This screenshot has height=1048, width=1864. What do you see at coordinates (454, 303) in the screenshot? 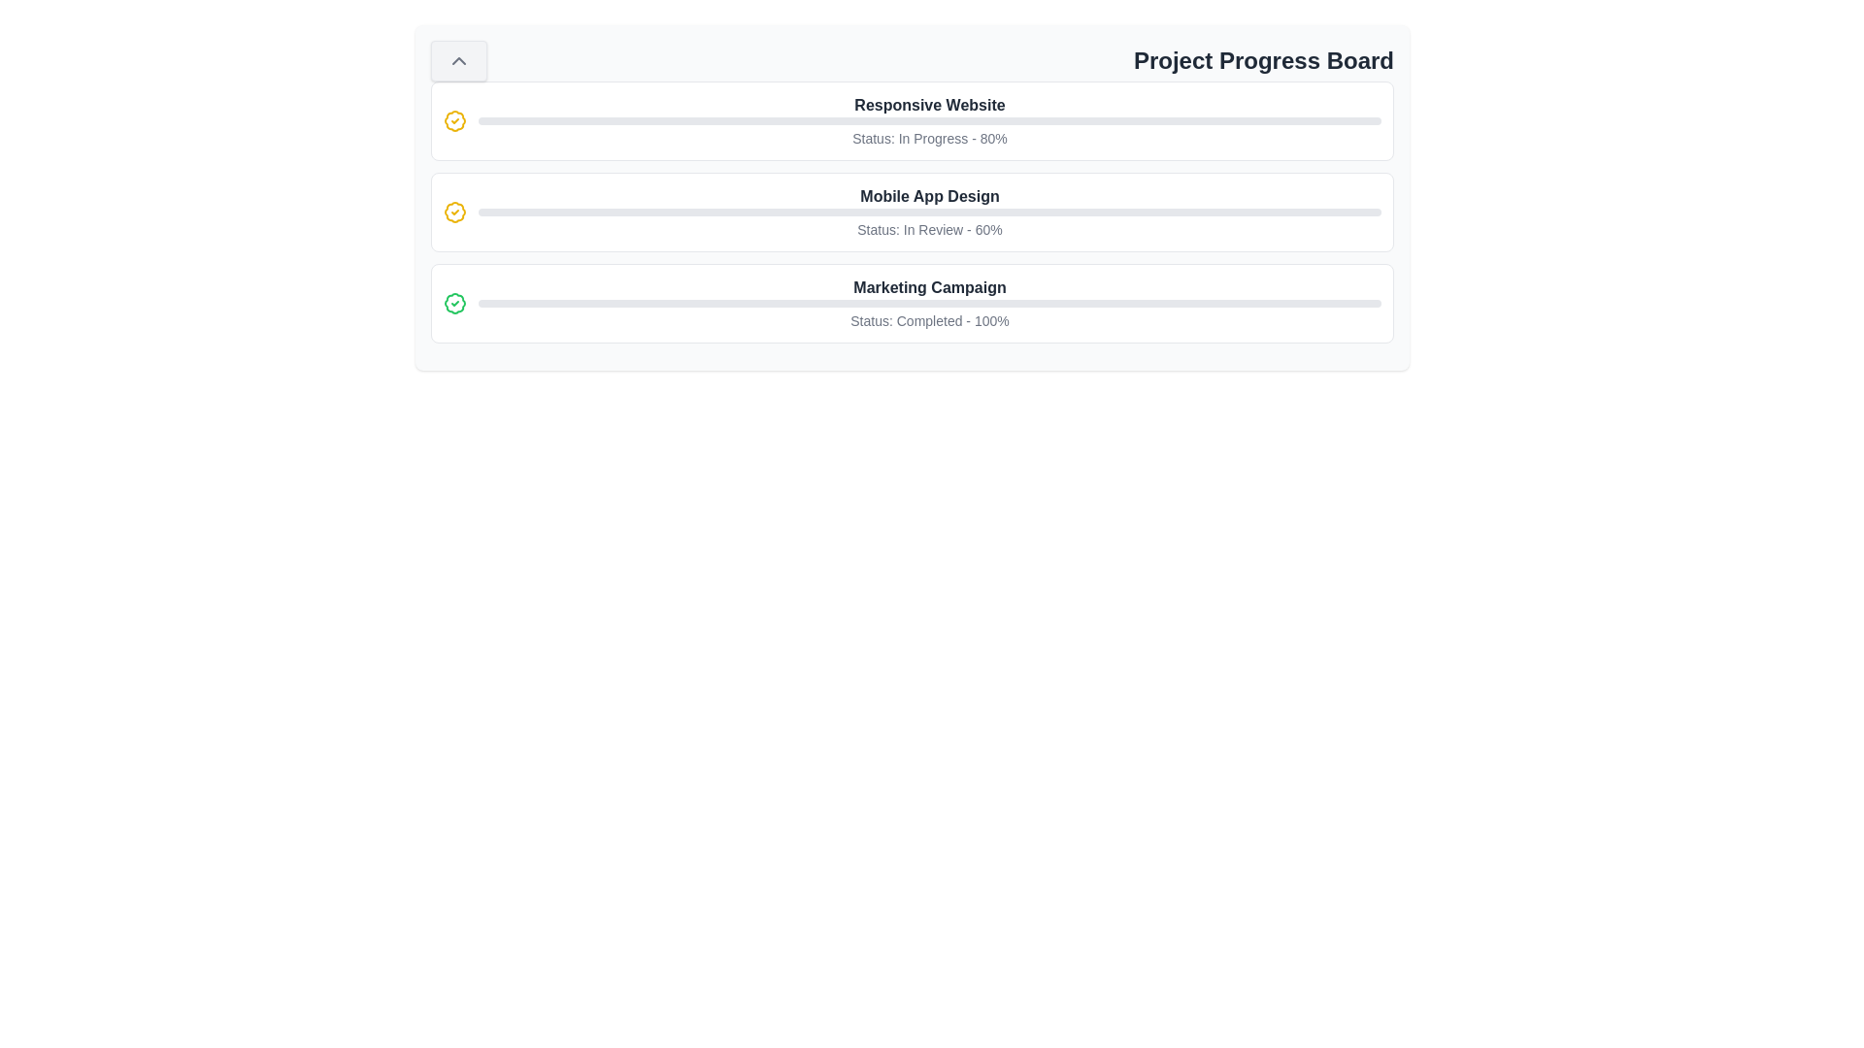
I see `the styling changes of the icon or badge indicating the status of the 'Marketing Campaign' progress, located at the center of the bottommost list item` at bounding box center [454, 303].